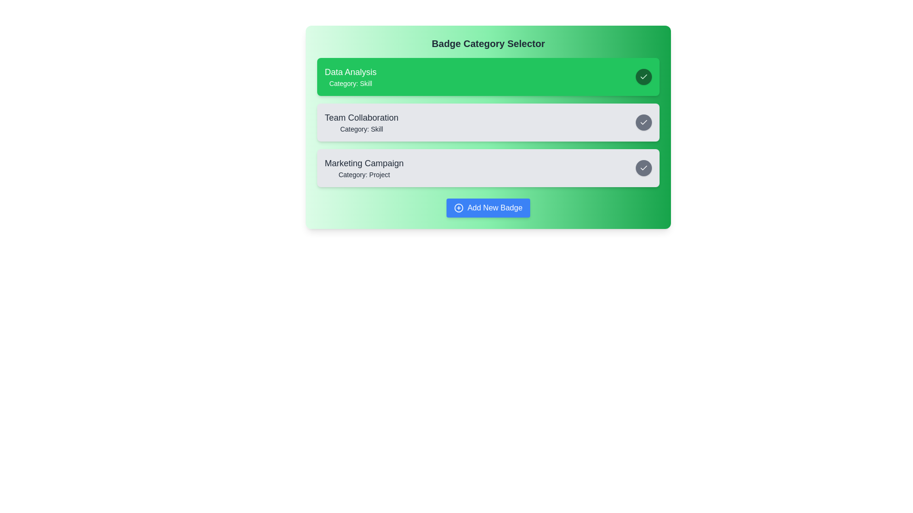  Describe the element at coordinates (488, 122) in the screenshot. I see `the badge corresponding to Team Collaboration` at that location.